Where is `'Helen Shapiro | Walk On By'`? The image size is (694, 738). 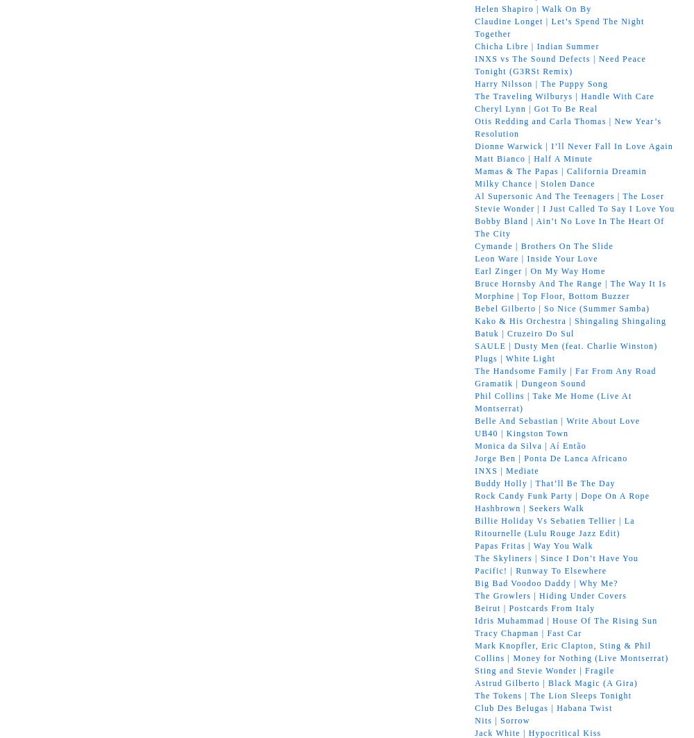
'Helen Shapiro | Walk On By' is located at coordinates (533, 8).